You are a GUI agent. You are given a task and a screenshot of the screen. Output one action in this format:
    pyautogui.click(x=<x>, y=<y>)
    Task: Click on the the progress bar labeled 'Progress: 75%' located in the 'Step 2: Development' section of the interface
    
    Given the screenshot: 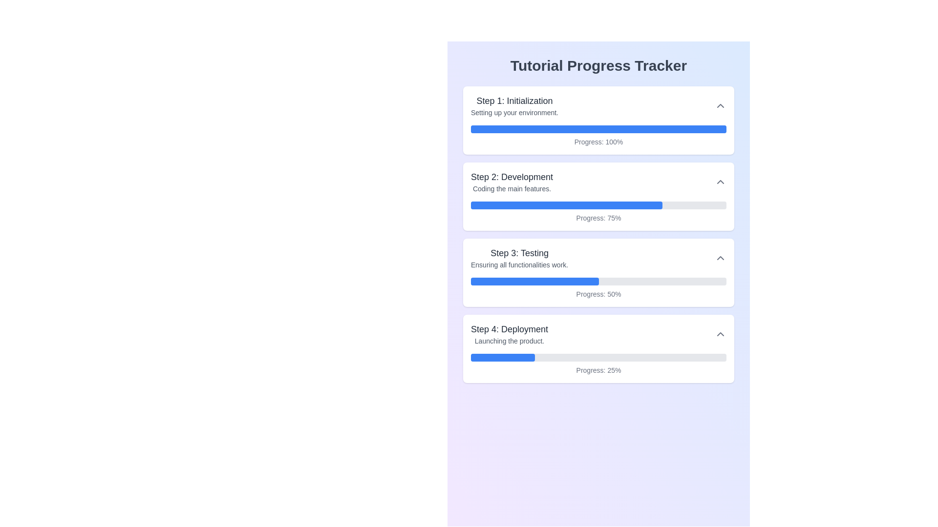 What is the action you would take?
    pyautogui.click(x=598, y=212)
    